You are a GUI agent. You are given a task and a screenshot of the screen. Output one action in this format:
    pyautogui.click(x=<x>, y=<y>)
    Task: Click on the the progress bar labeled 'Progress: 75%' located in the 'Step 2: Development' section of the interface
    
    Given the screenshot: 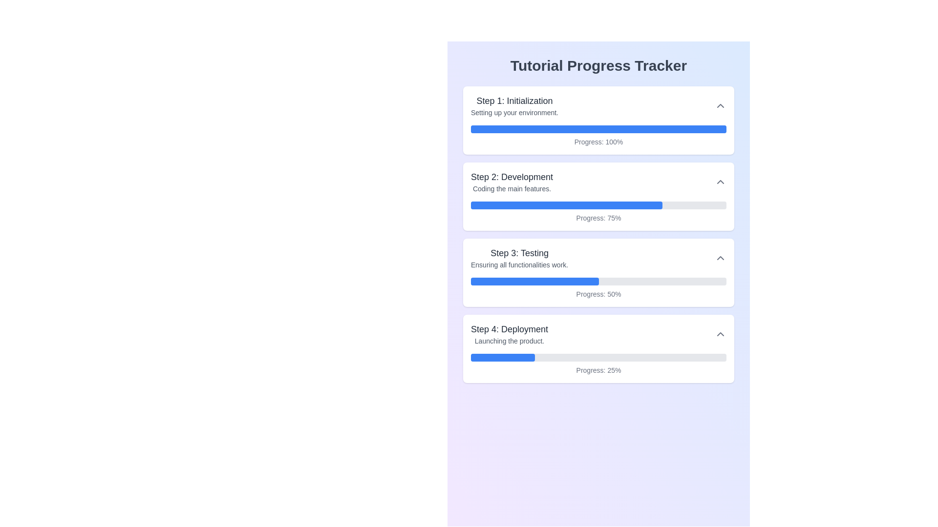 What is the action you would take?
    pyautogui.click(x=598, y=212)
    